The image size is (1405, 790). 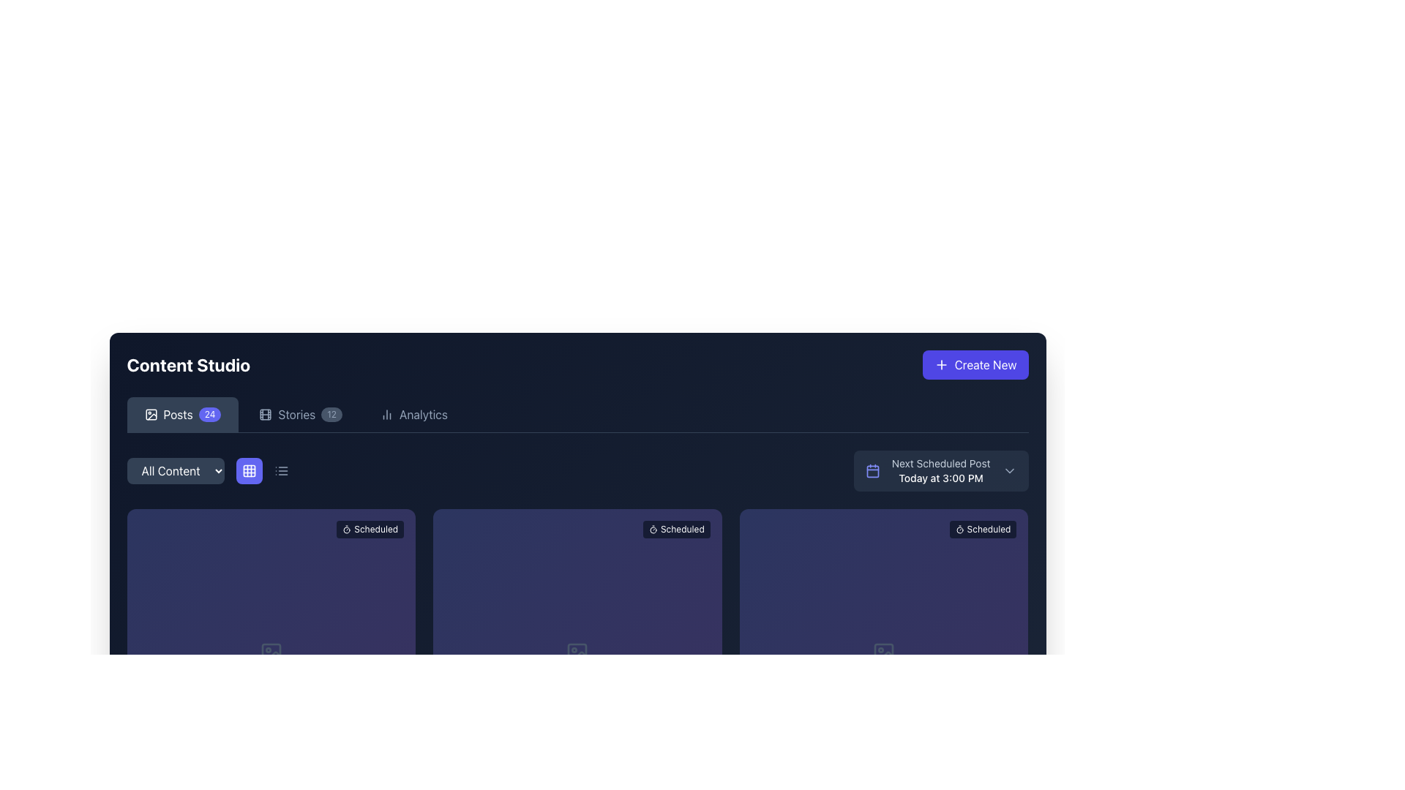 I want to click on the image placeholder icon located at the bottom edge of the grid card in the second row of the dashboard, so click(x=271, y=652).